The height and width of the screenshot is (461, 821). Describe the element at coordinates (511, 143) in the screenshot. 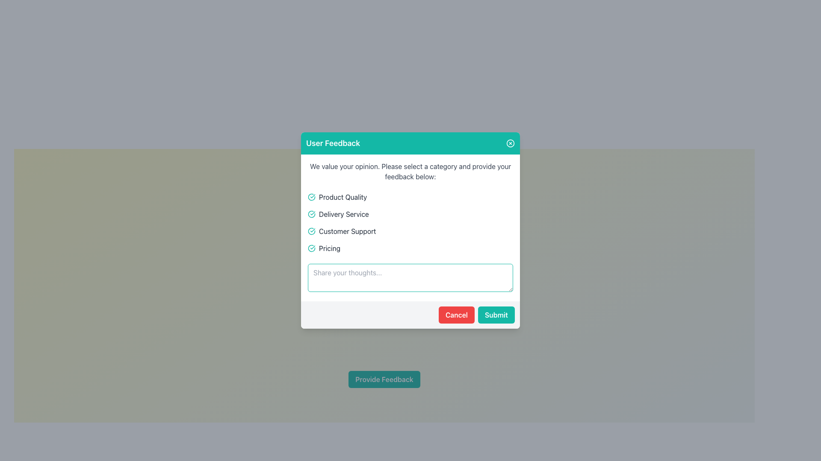

I see `the SVG circle element located at the top-right corner of the 'User Feedback' modal dialog` at that location.